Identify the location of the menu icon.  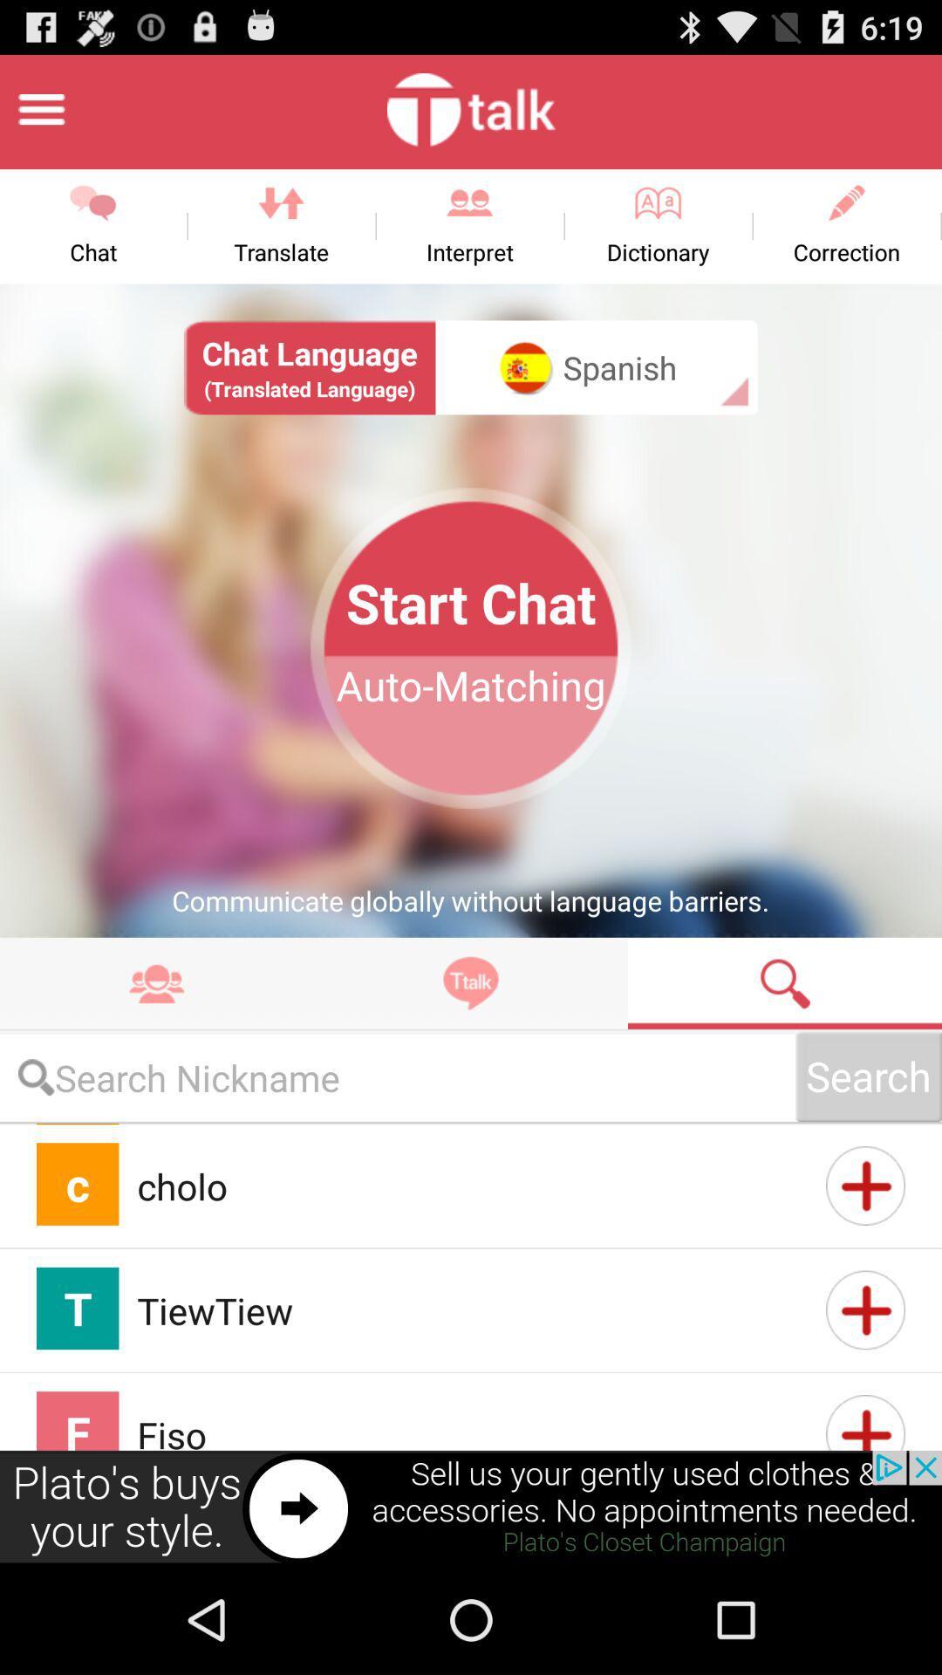
(40, 116).